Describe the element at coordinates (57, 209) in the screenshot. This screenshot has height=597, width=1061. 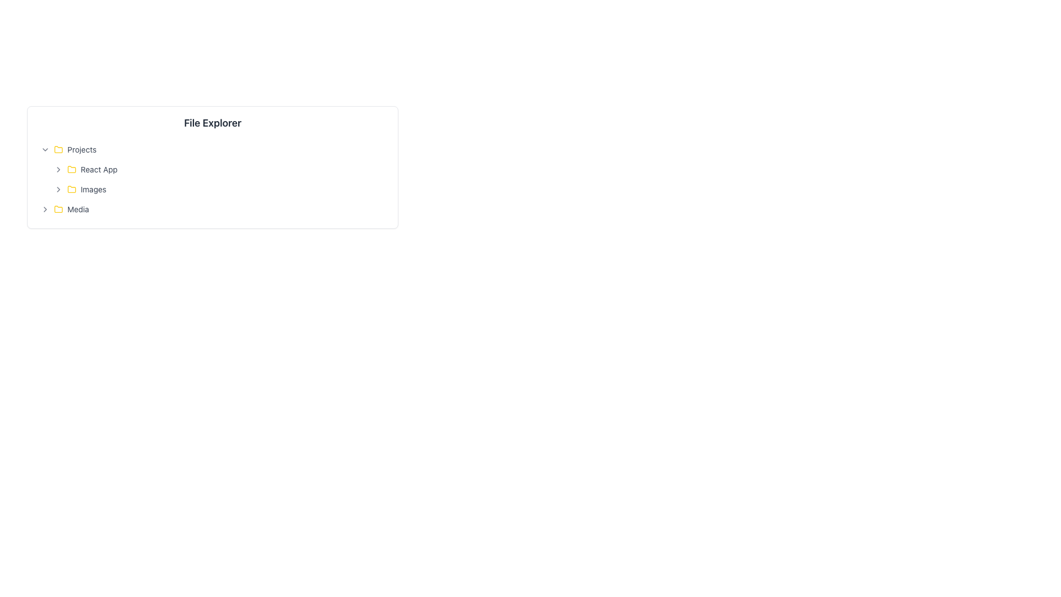
I see `the folder icon representing the 'Media' entry in the file explorer interface to facilitate navigation and identification` at that location.